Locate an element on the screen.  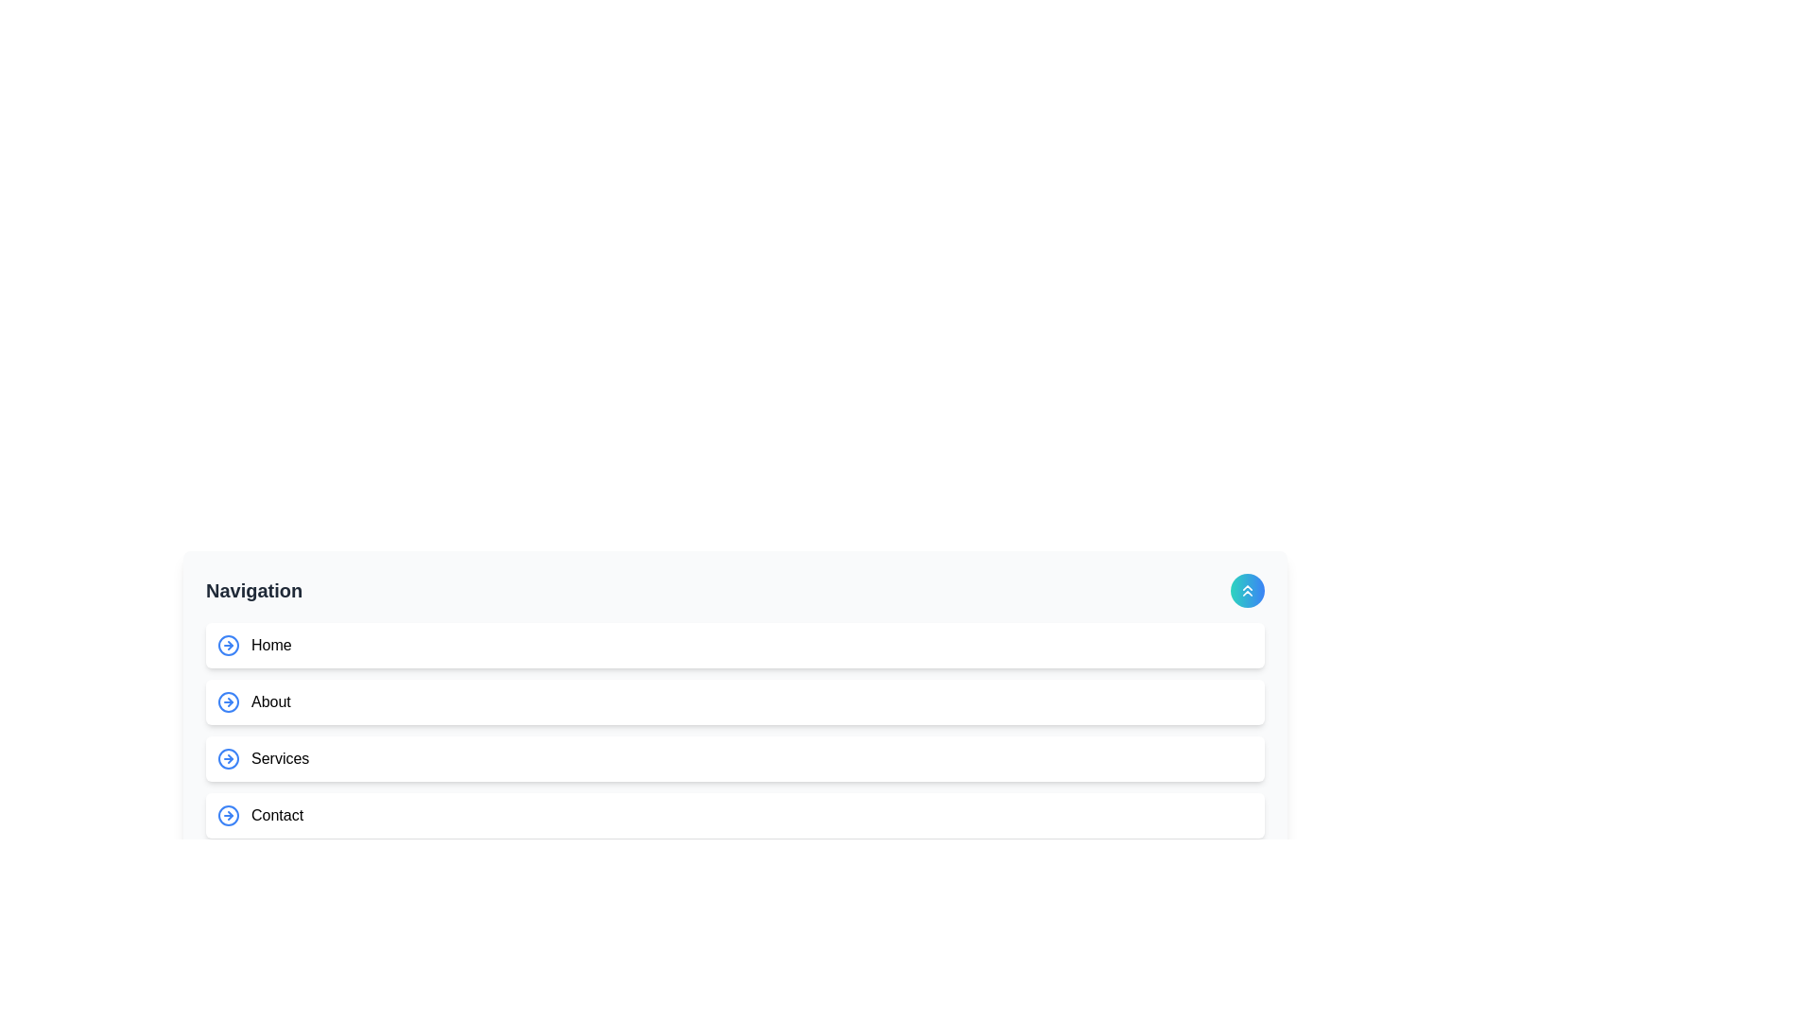
the circular part of the 'About' section icon in the navigation menu, which is visually indicated by an arrow symbol and is the second list item is located at coordinates (227, 702).